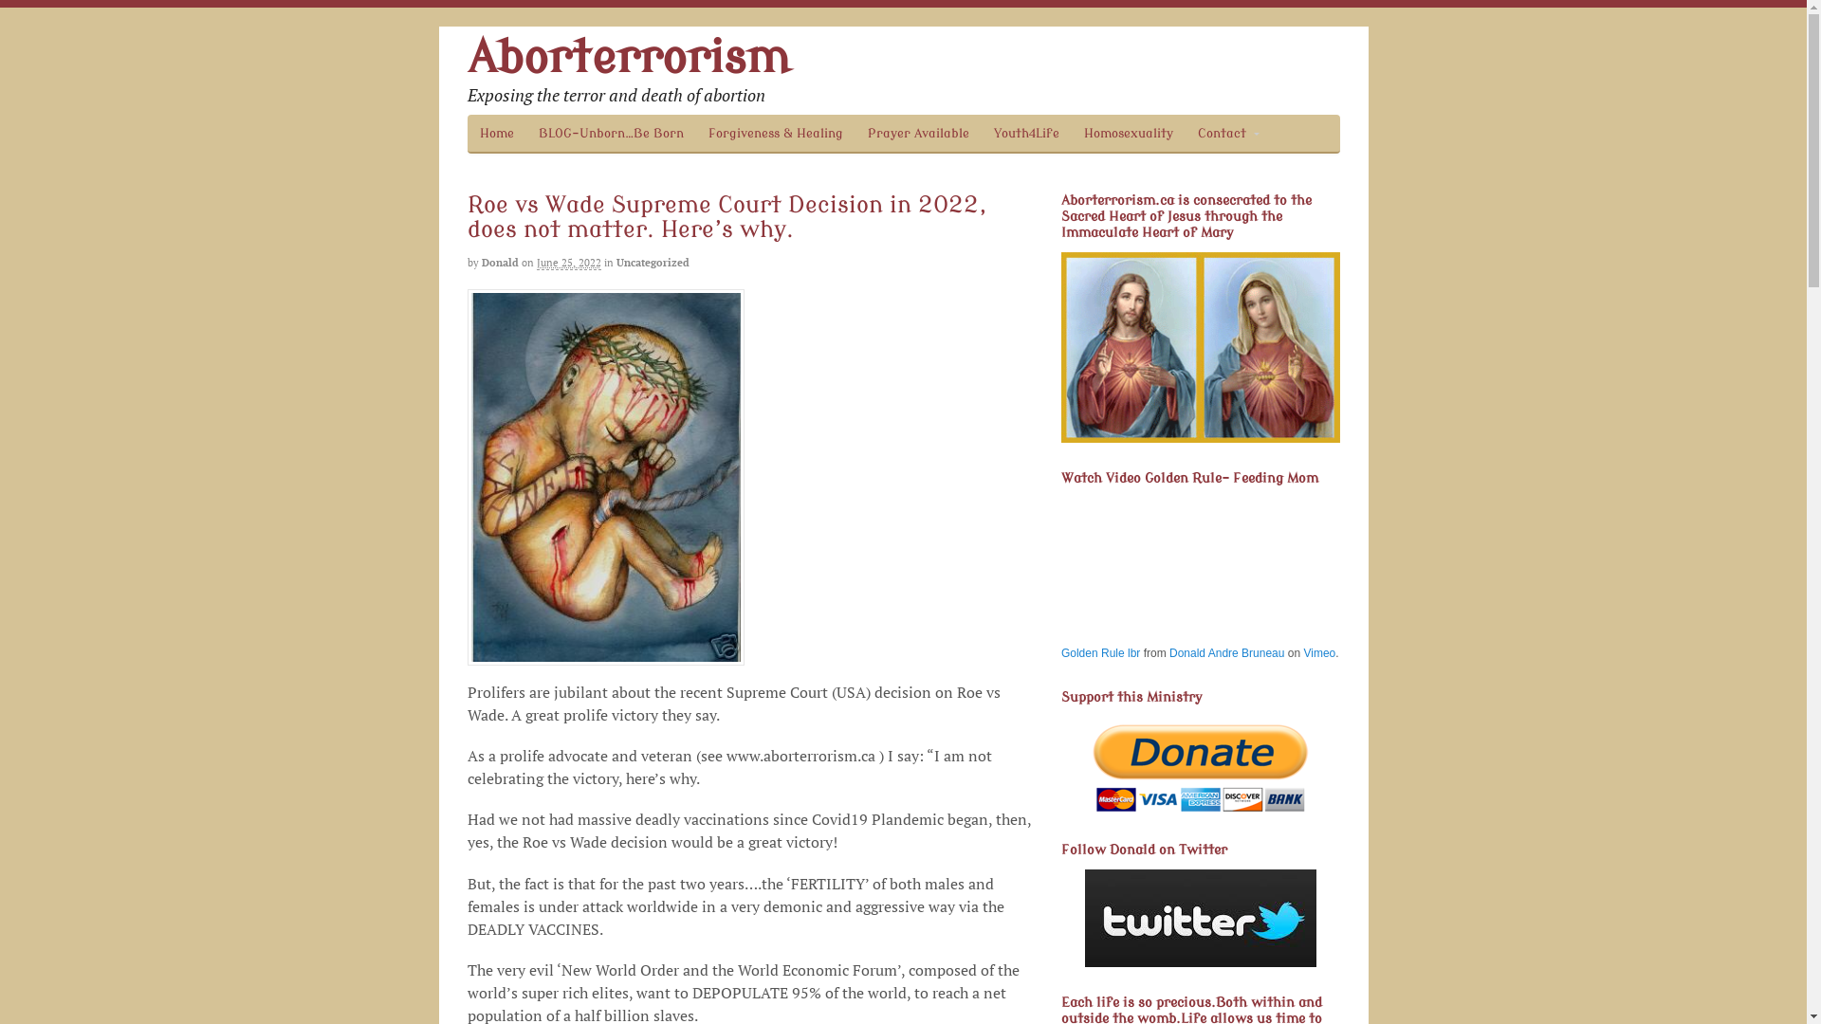 The height and width of the screenshot is (1024, 1821). I want to click on 'Youth4Life', so click(1024, 132).